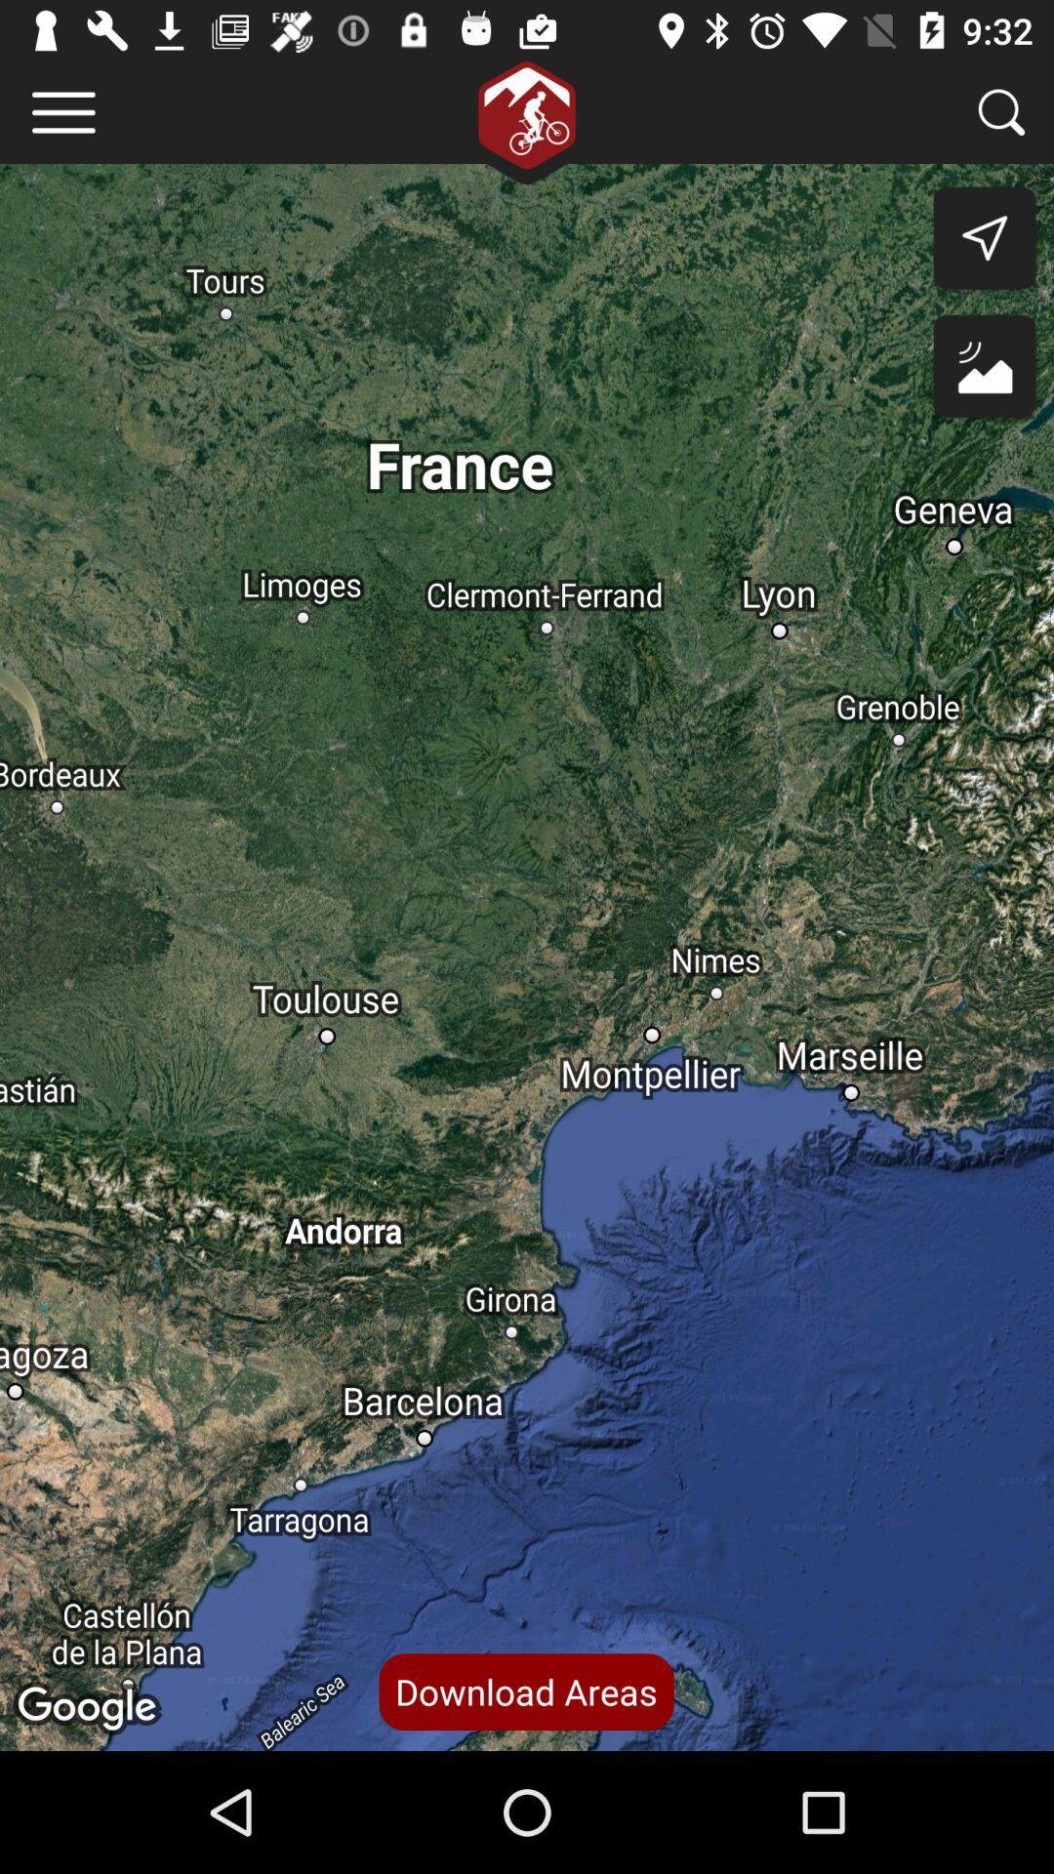 Image resolution: width=1054 pixels, height=1874 pixels. I want to click on search button, so click(1001, 111).